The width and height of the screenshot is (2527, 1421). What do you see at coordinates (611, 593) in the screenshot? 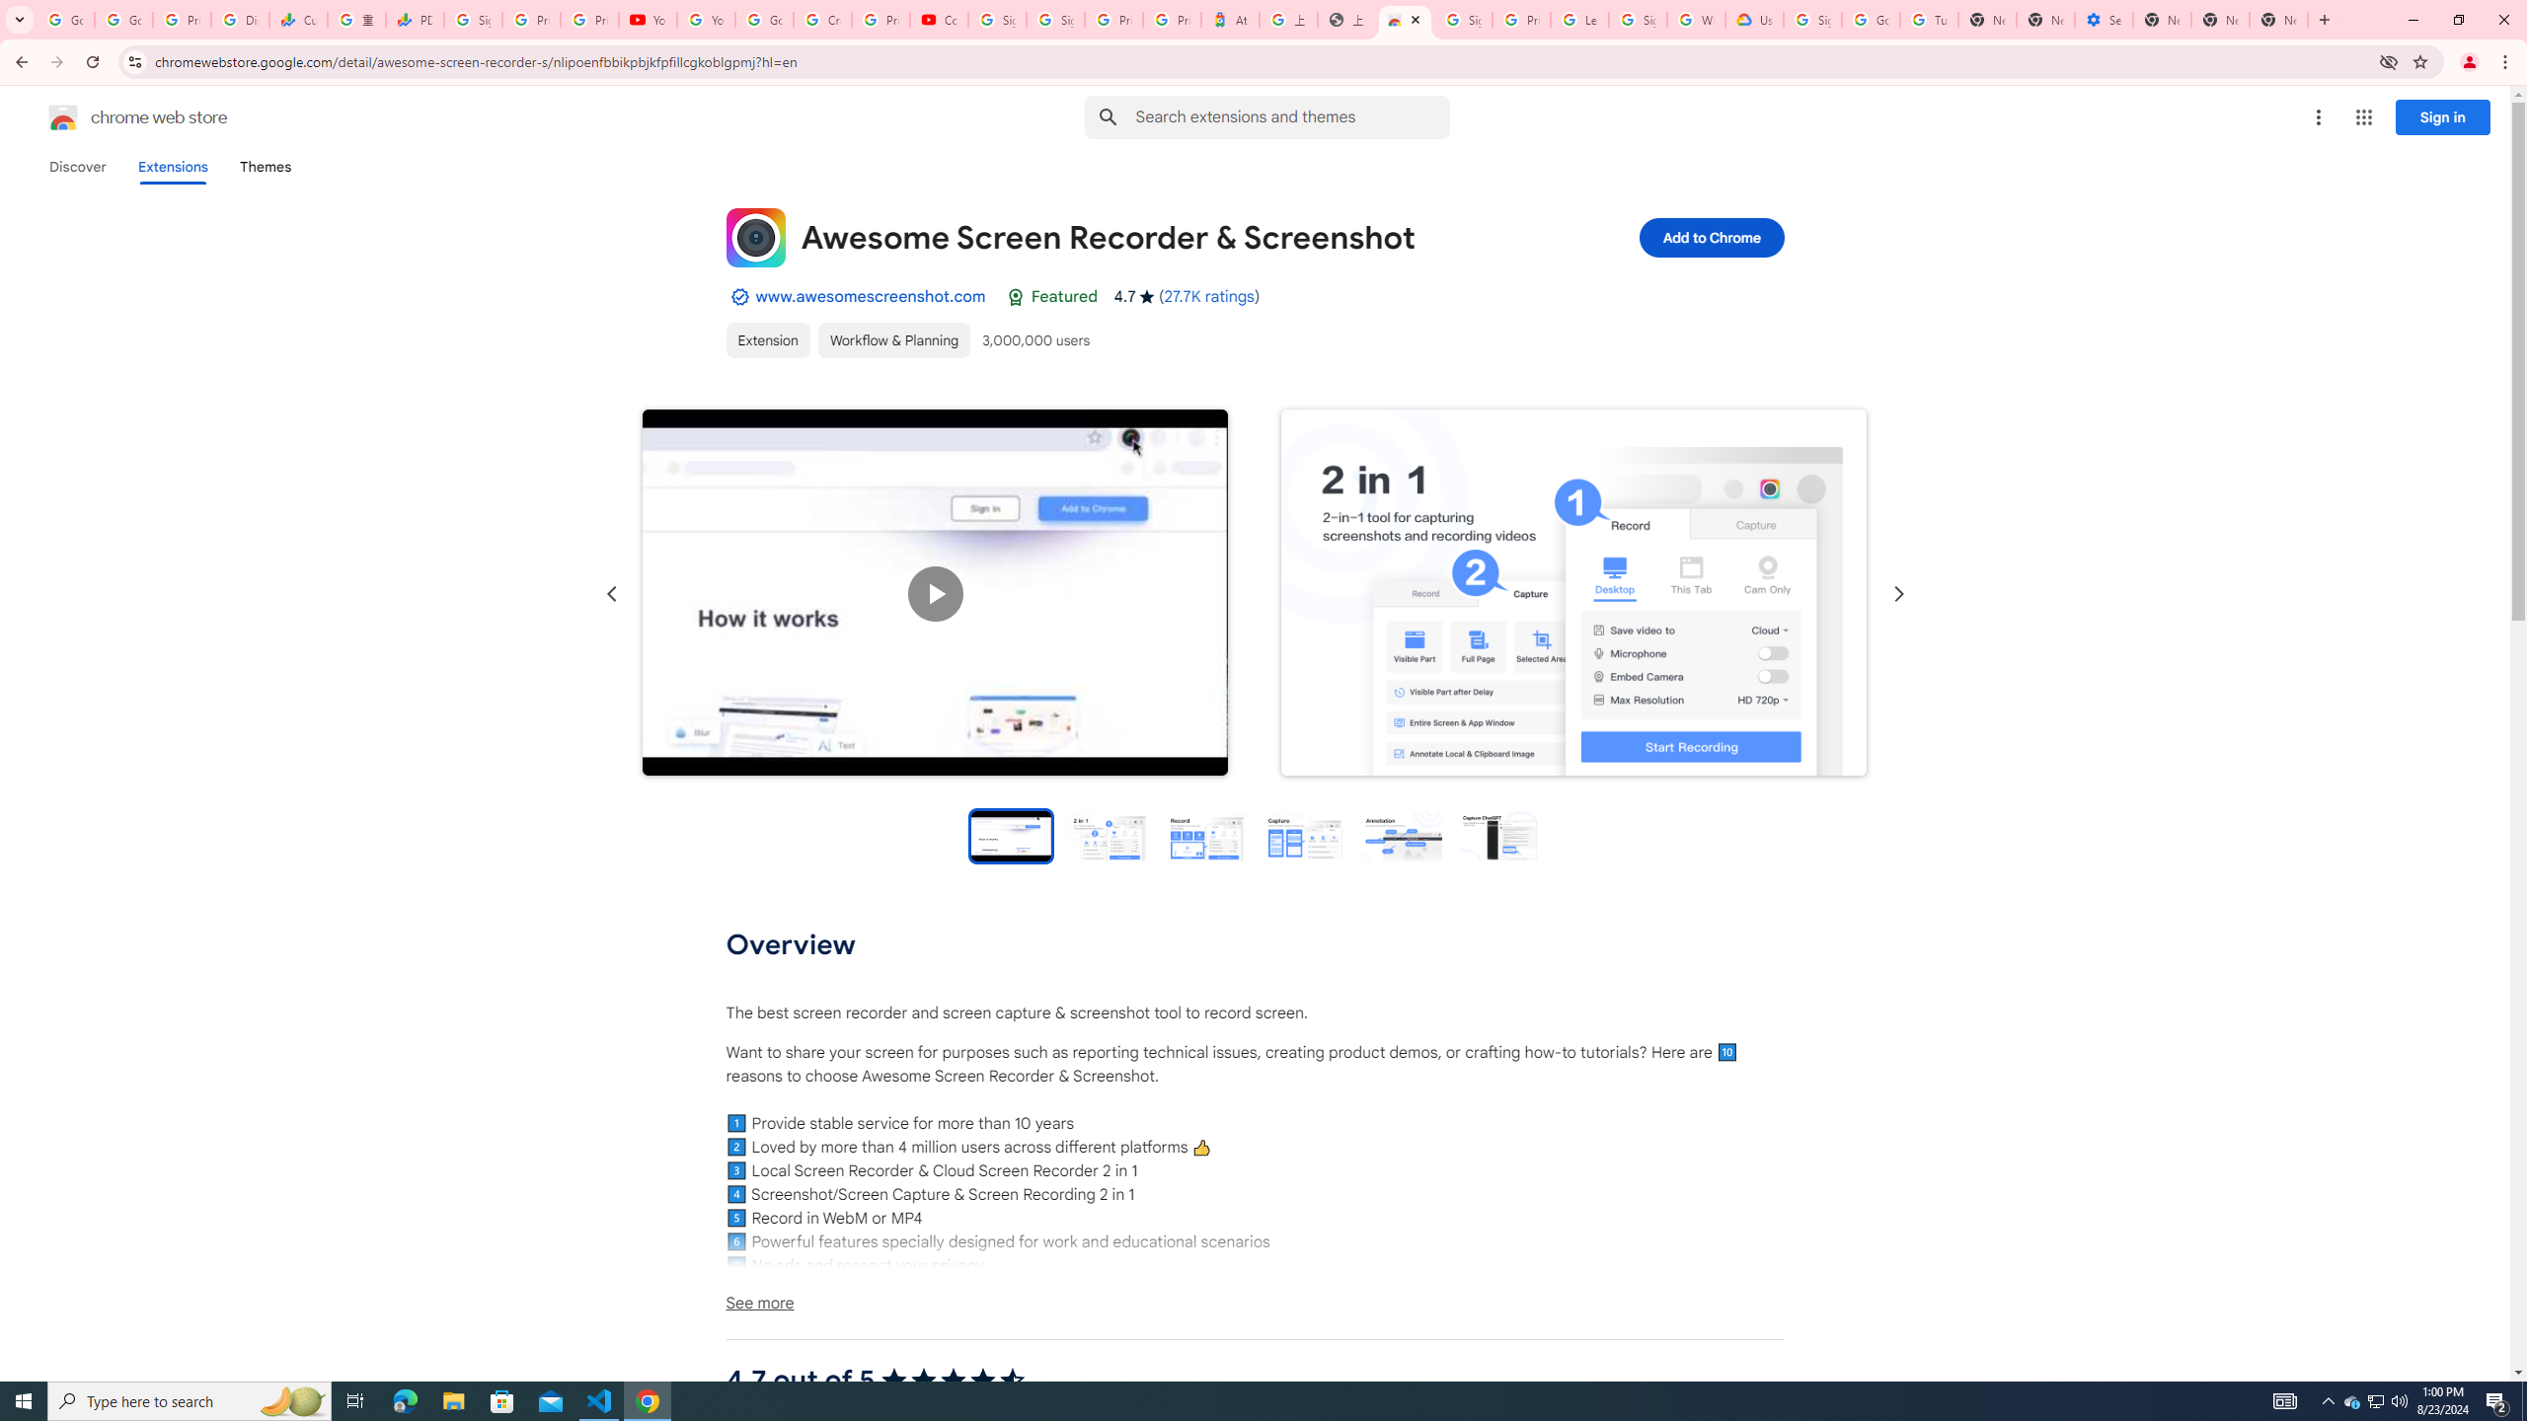
I see `'Previous slide'` at bounding box center [611, 593].